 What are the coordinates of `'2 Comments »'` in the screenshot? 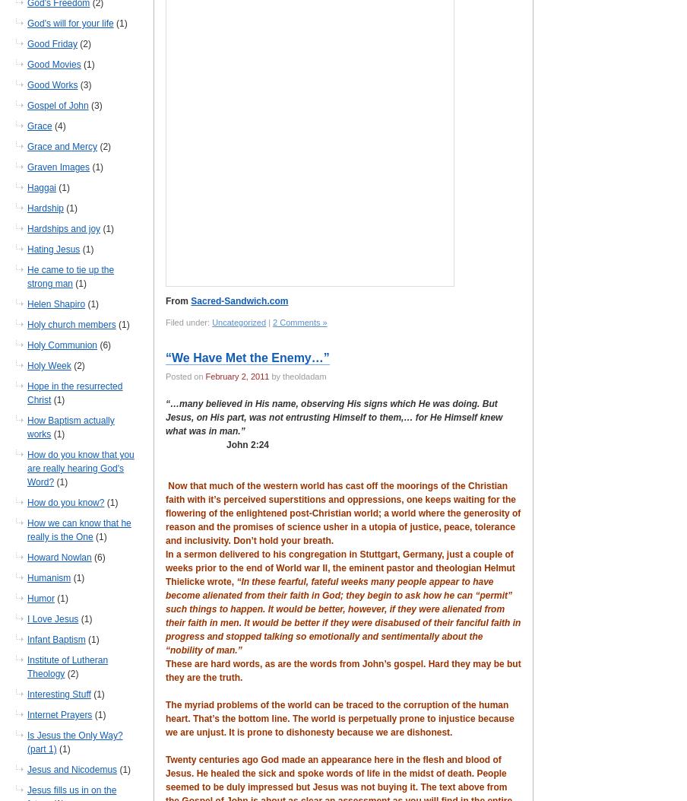 It's located at (299, 323).